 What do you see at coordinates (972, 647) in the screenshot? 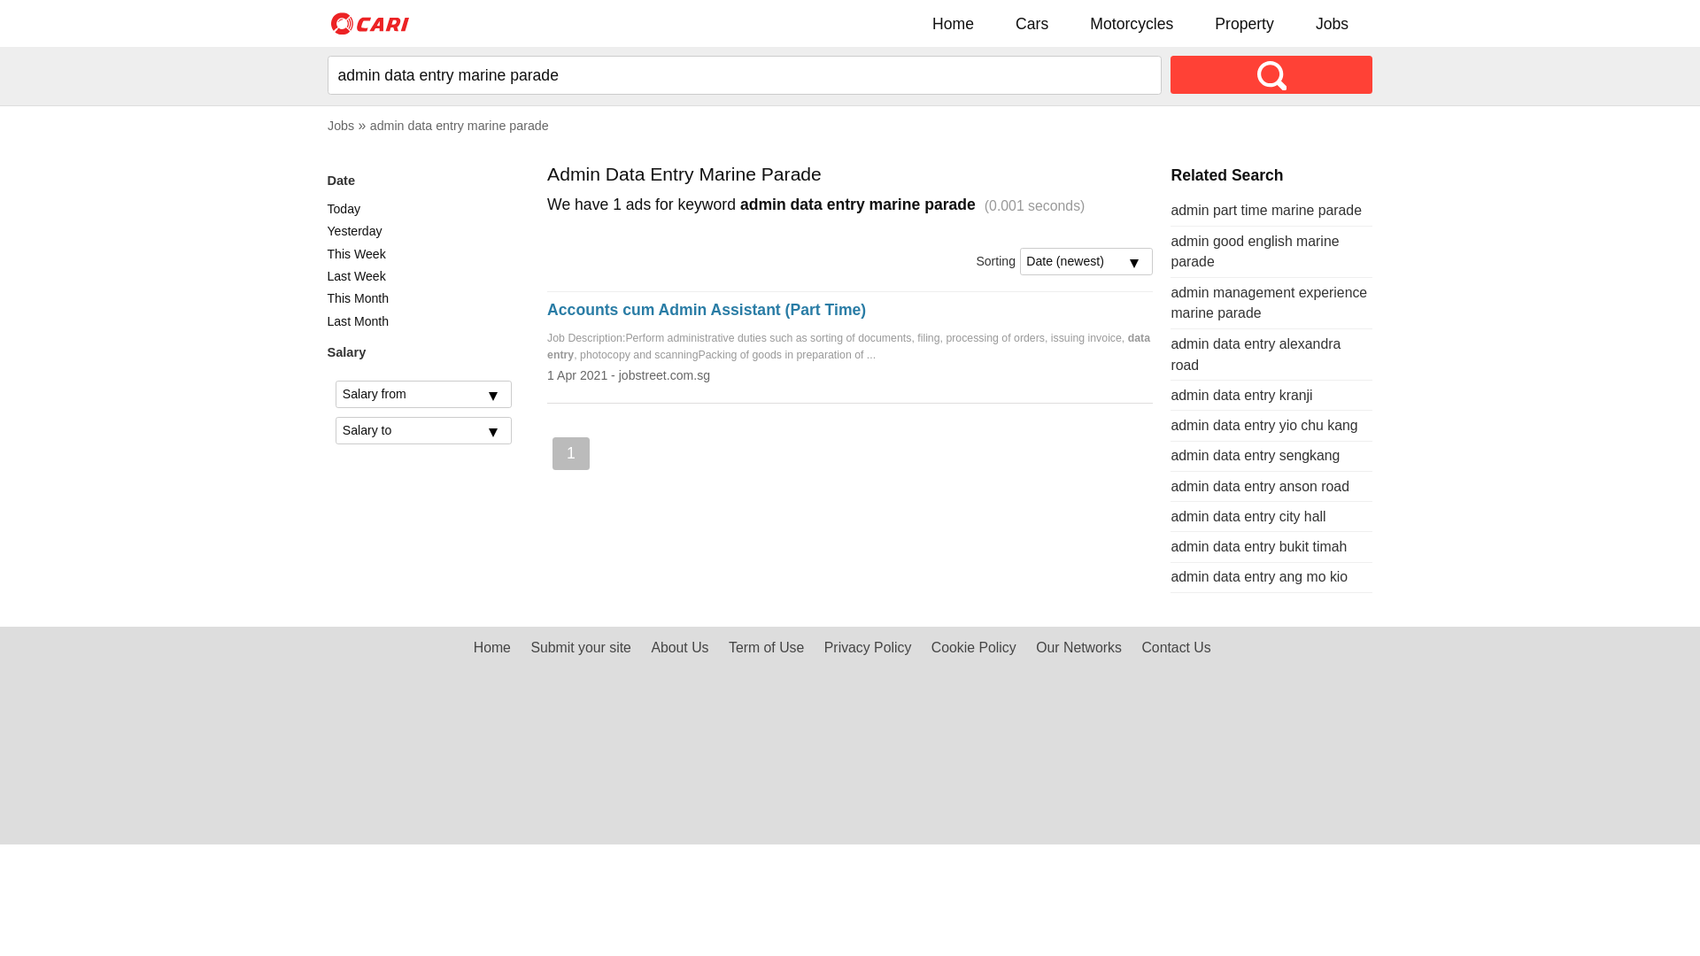
I see `'Cookie Policy'` at bounding box center [972, 647].